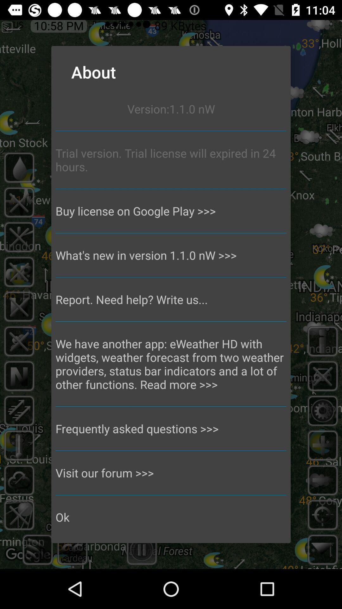 This screenshot has width=342, height=609. I want to click on the we have another icon, so click(171, 364).